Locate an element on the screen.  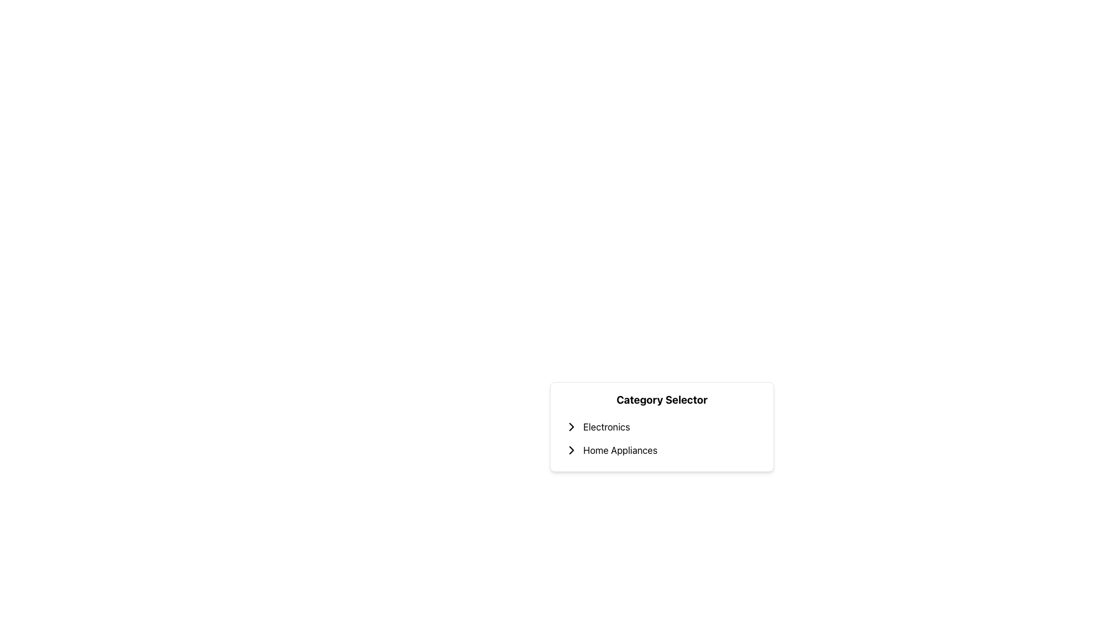
the triangular arrow icon pointing to the right that is positioned to the left of the text 'Electronics' in the 'Category Selector' card is located at coordinates (571, 427).